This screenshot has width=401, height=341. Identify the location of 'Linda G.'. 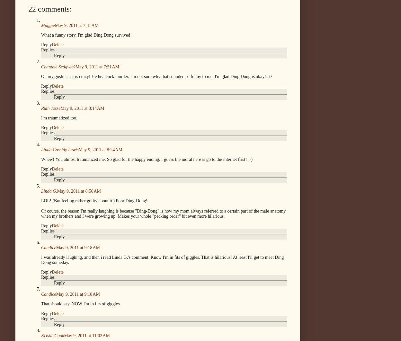
(49, 191).